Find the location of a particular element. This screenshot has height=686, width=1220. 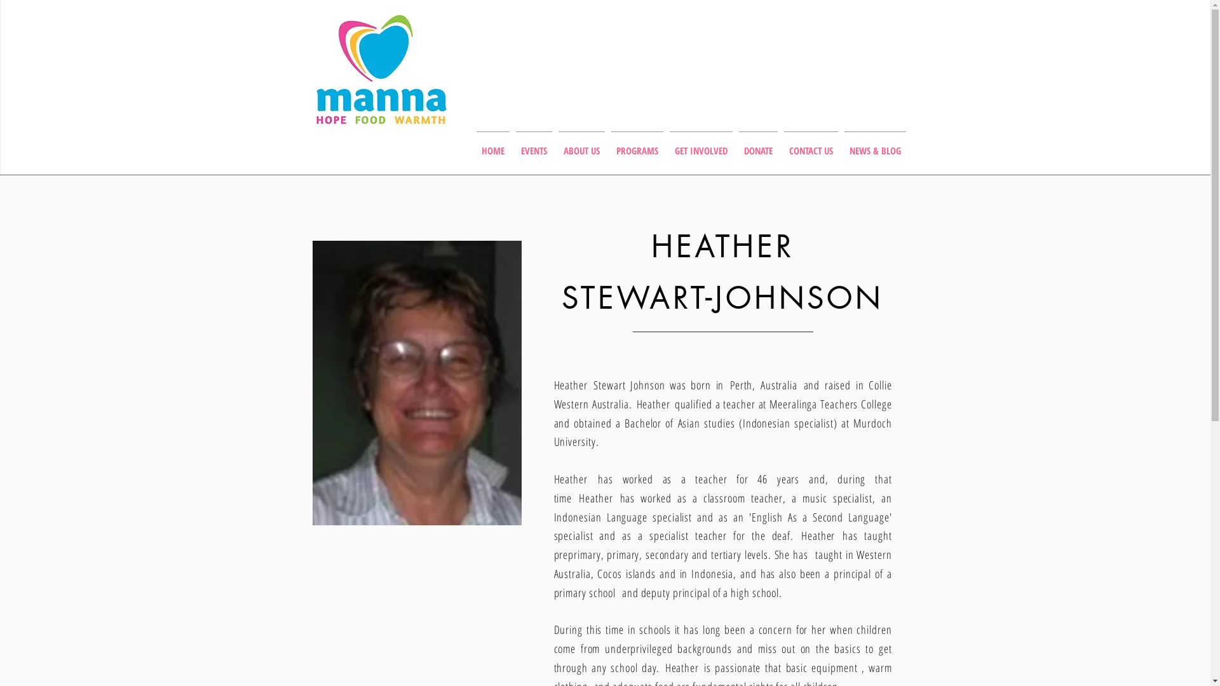

'ABOUT US' is located at coordinates (581, 144).